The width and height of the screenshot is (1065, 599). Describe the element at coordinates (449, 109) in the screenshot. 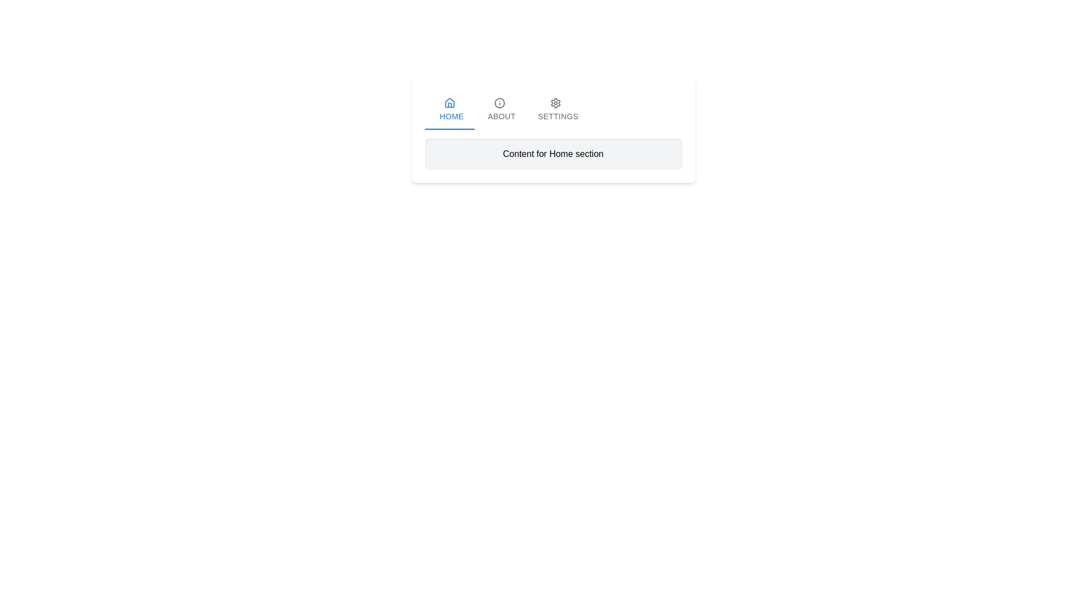

I see `the 'Home' tab button, which is the first tab in the horizontal tab group and is currently highlighted in blue` at that location.